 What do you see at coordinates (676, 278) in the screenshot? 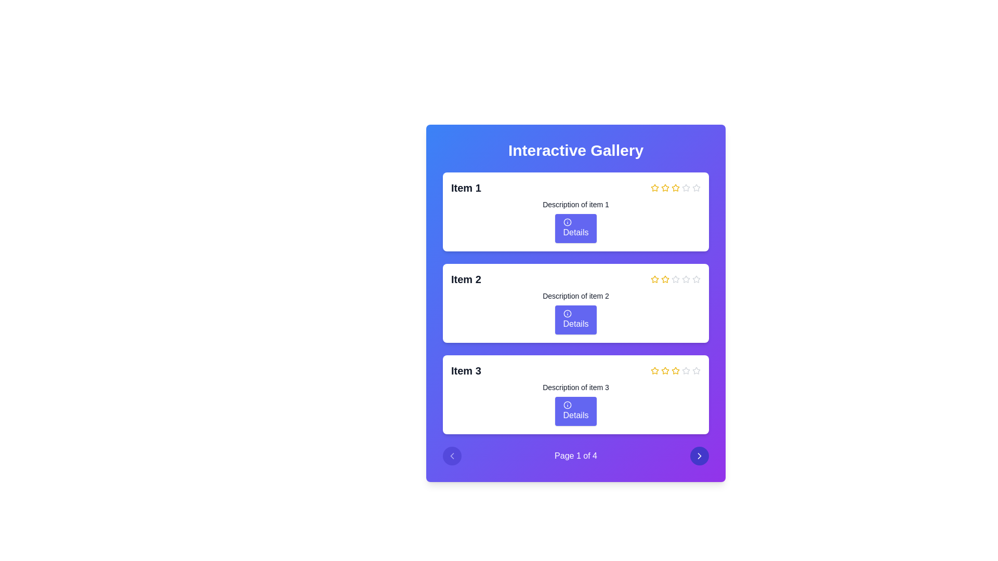
I see `the fourth rating star icon` at bounding box center [676, 278].